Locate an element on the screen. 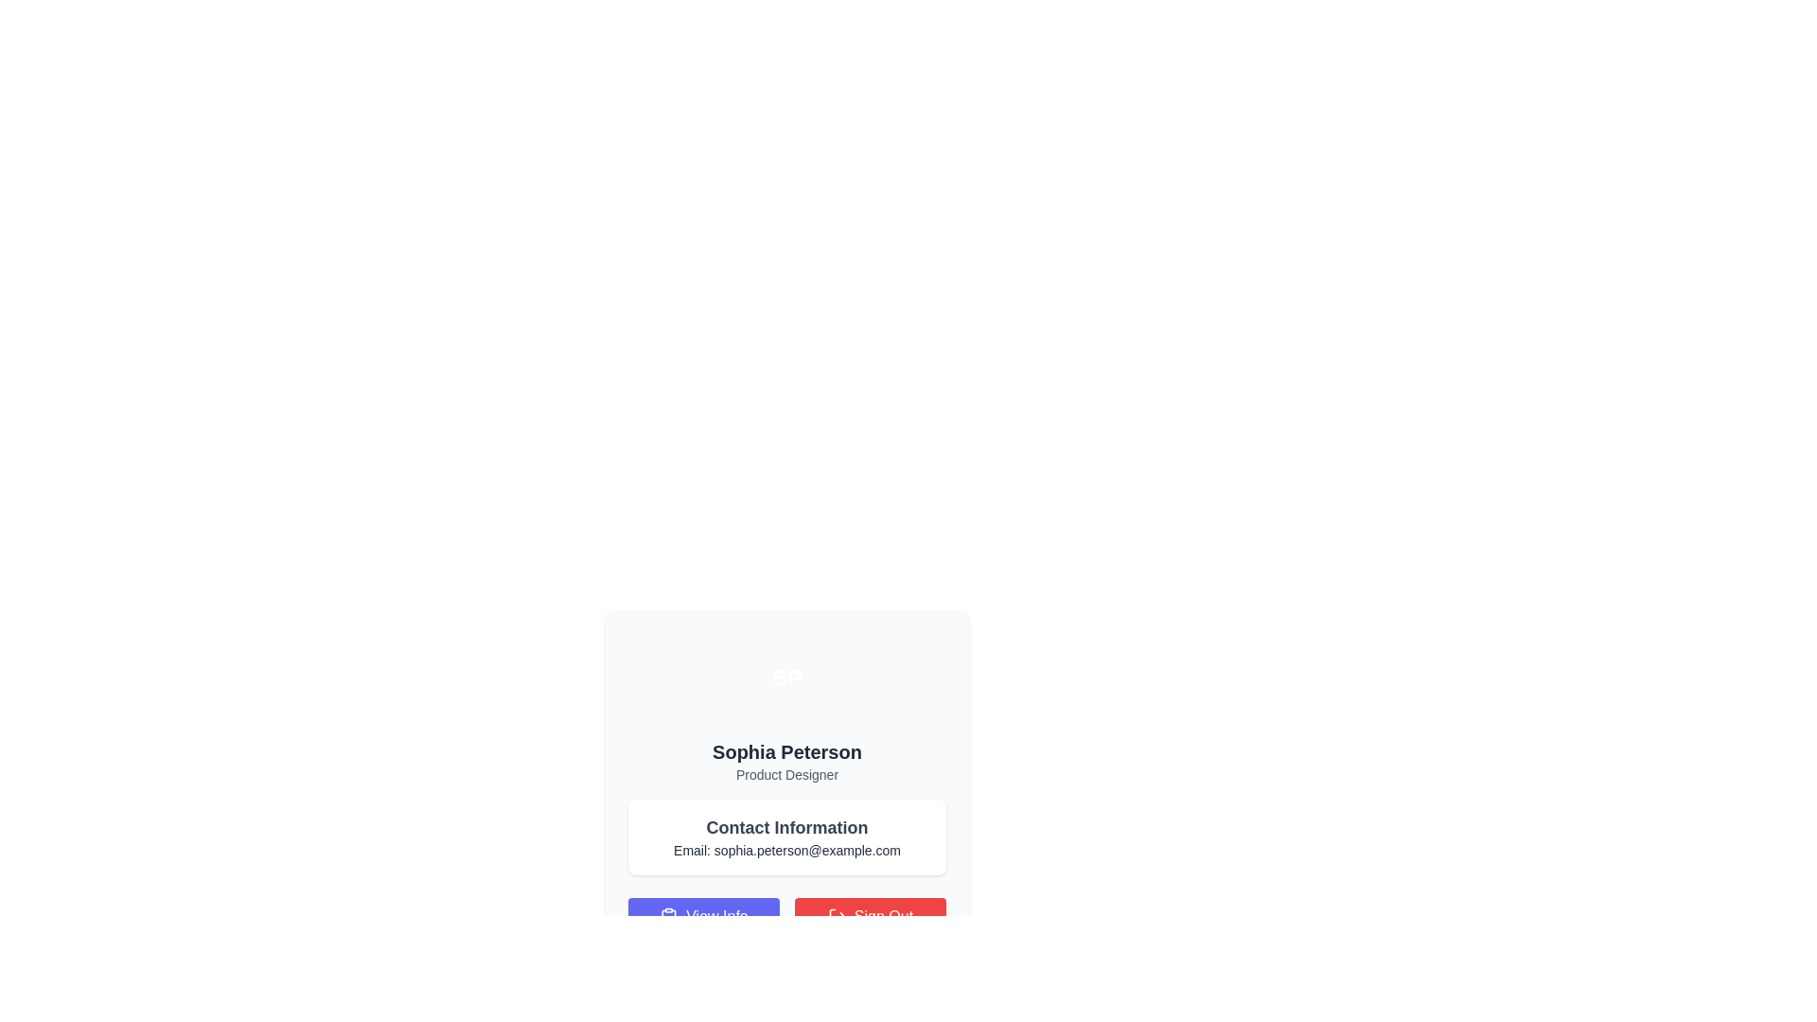  the text label 'Product Designer' which is styled with a smaller font size and gray color, located beneath the name 'Sophia Peterson' in the profile card is located at coordinates (786, 774).